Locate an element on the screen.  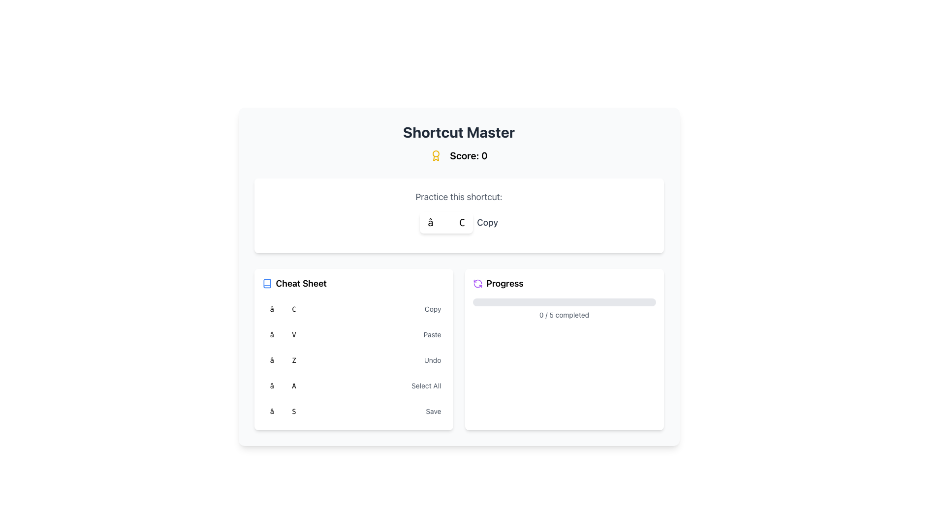
the static informational display showing the user's current score, located below the title 'Shortcut Master' is located at coordinates (458, 155).